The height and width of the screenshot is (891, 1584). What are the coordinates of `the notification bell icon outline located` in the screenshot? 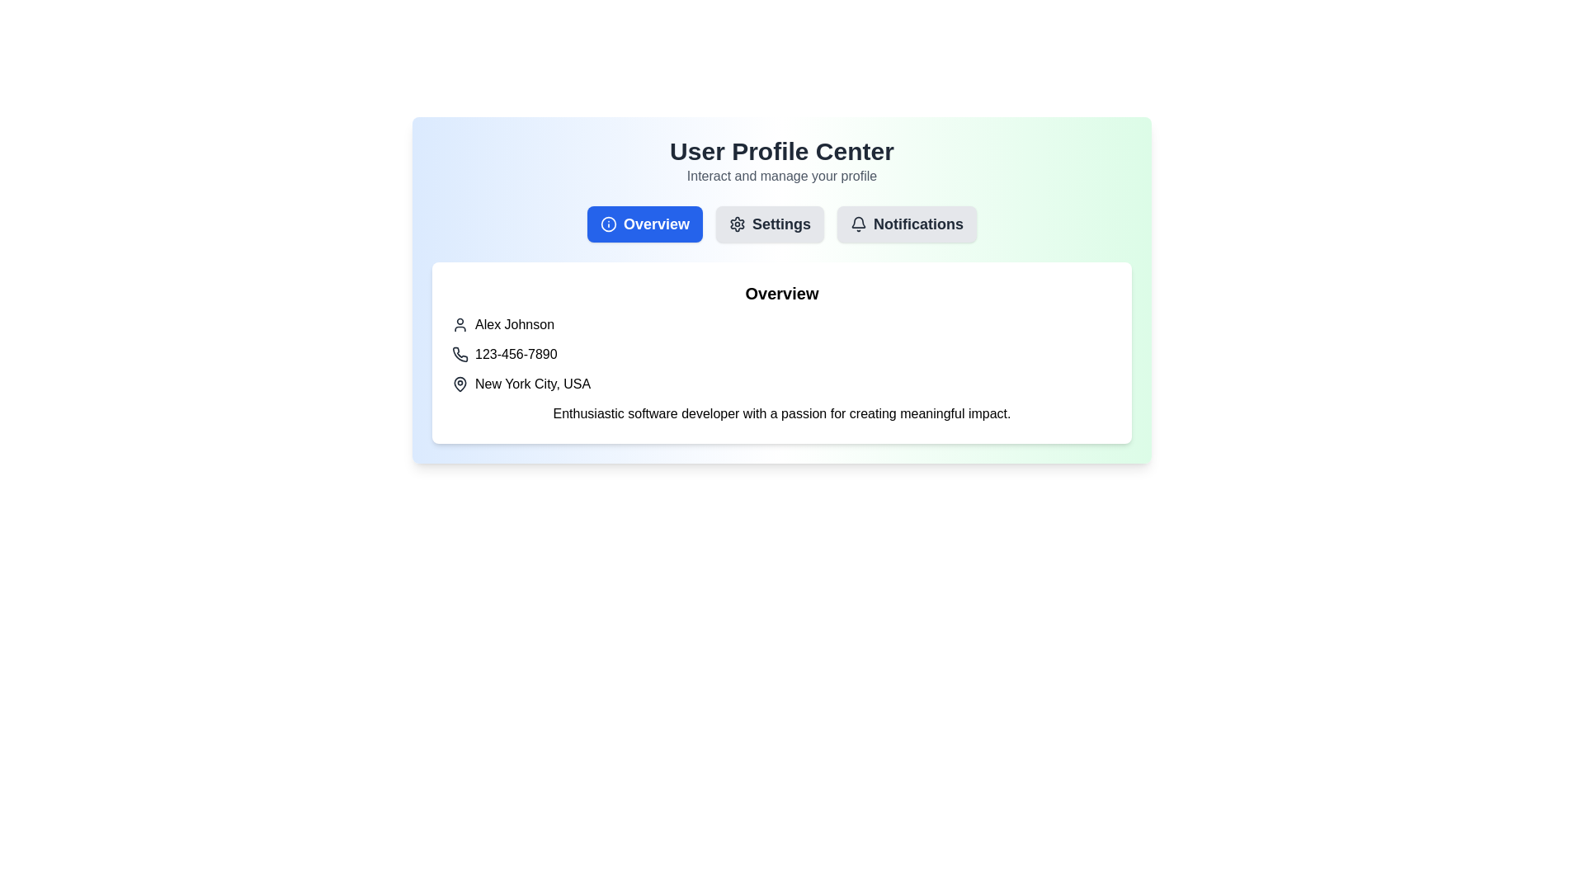 It's located at (858, 221).